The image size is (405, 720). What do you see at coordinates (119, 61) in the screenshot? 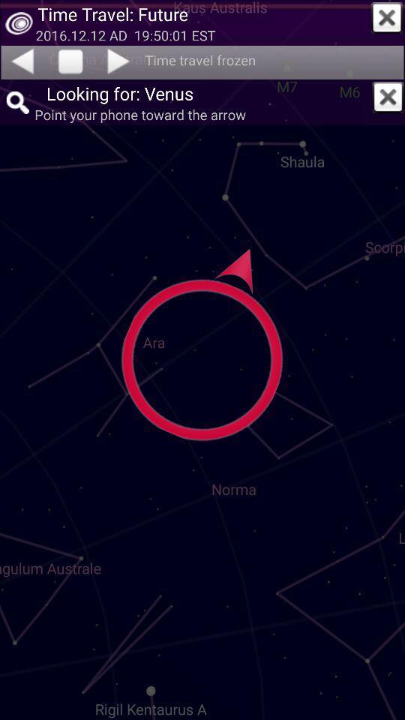
I see `move forward` at bounding box center [119, 61].